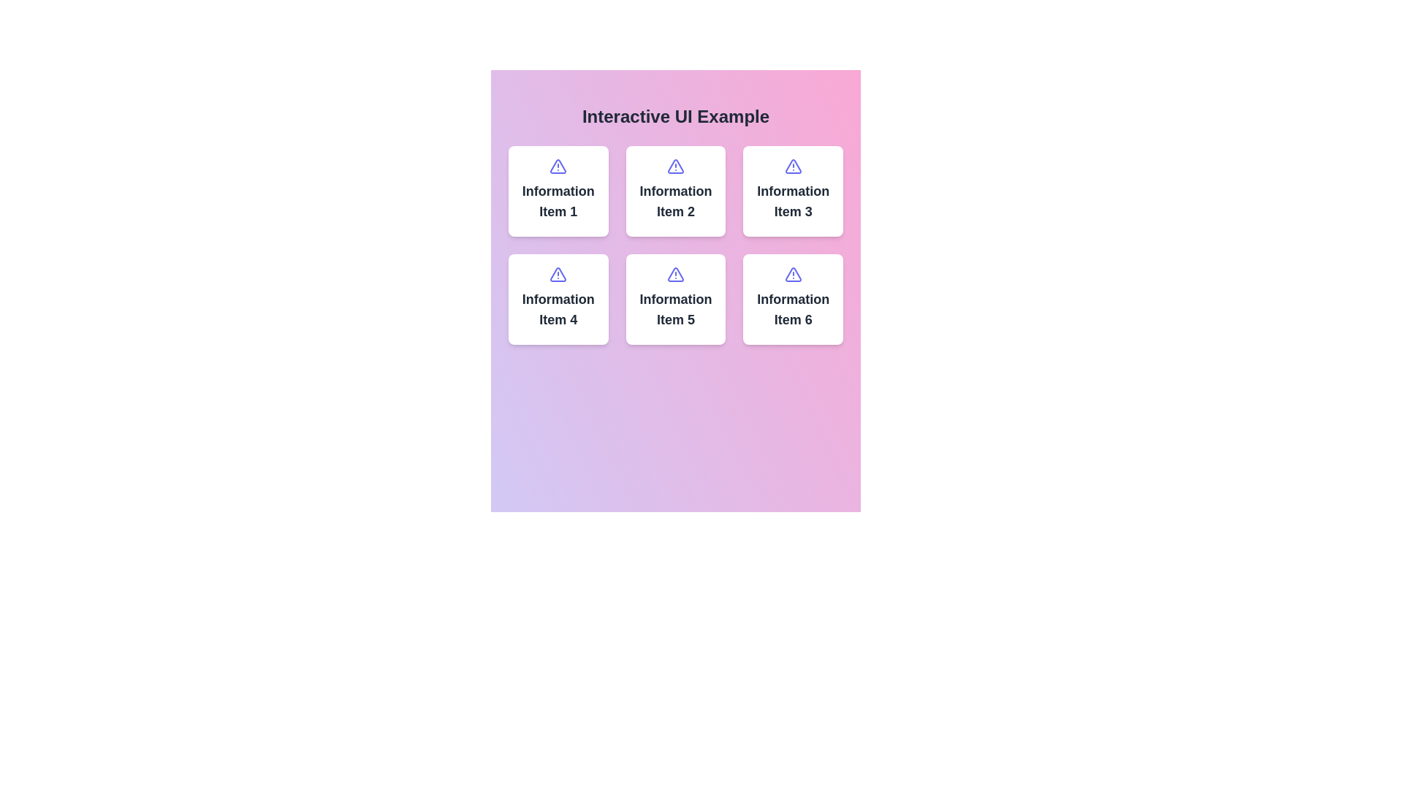  I want to click on descriptive text label located at the bottom of the sixth box in a 2-row, 3-column grid layout, so click(792, 309).